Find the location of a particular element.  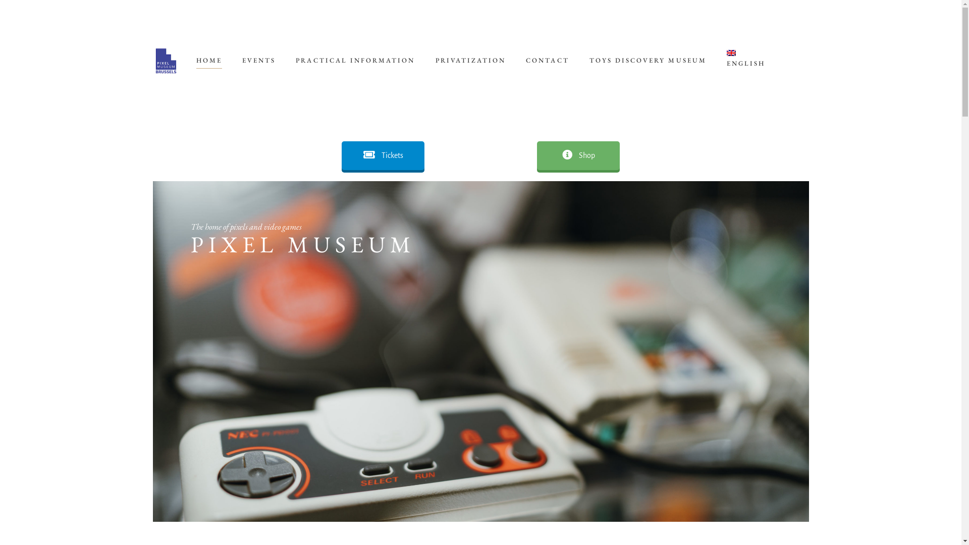

'TOYS DISCOVERY MUSEUM' is located at coordinates (648, 60).